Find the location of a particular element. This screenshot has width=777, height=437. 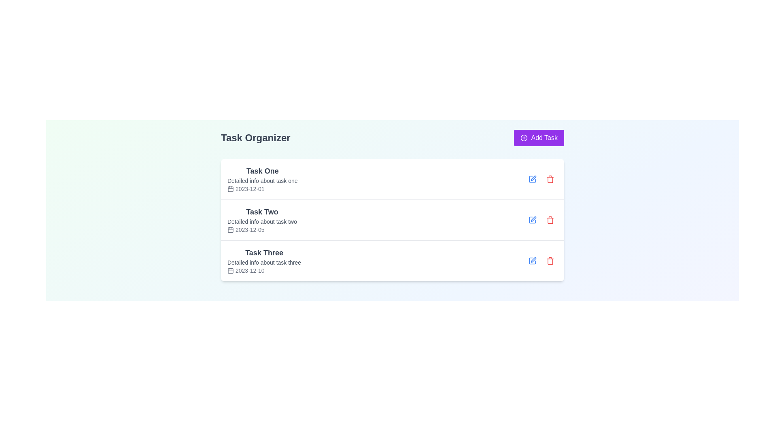

the Icon button located at the bottom right corner of the third task card is located at coordinates (532, 261).